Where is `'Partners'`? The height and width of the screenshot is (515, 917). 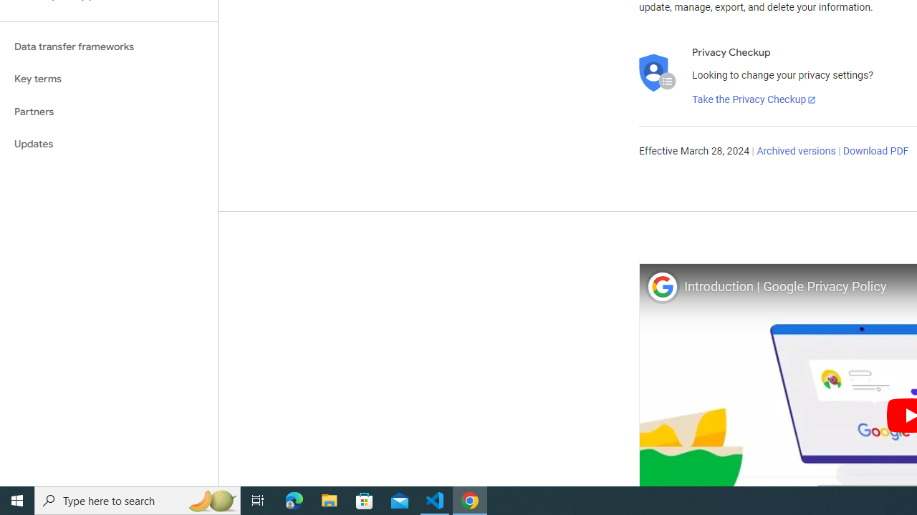 'Partners' is located at coordinates (108, 111).